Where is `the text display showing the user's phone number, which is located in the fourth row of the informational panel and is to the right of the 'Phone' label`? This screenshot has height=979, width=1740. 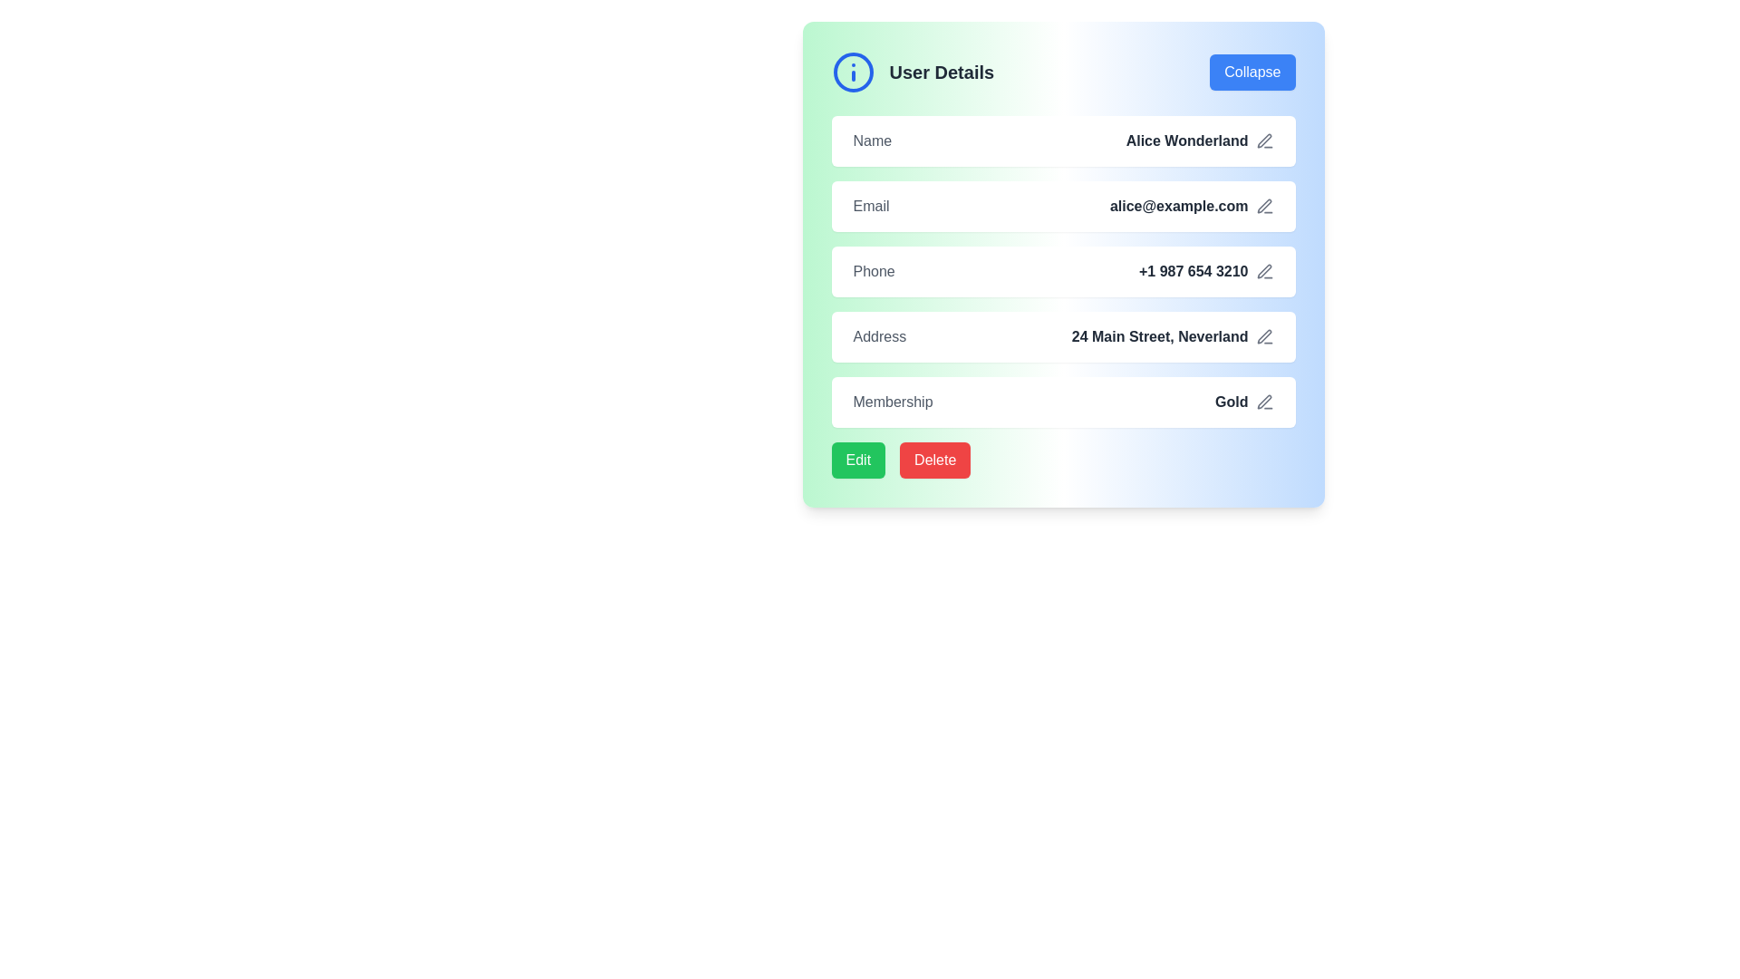 the text display showing the user's phone number, which is located in the fourth row of the informational panel and is to the right of the 'Phone' label is located at coordinates (1206, 272).